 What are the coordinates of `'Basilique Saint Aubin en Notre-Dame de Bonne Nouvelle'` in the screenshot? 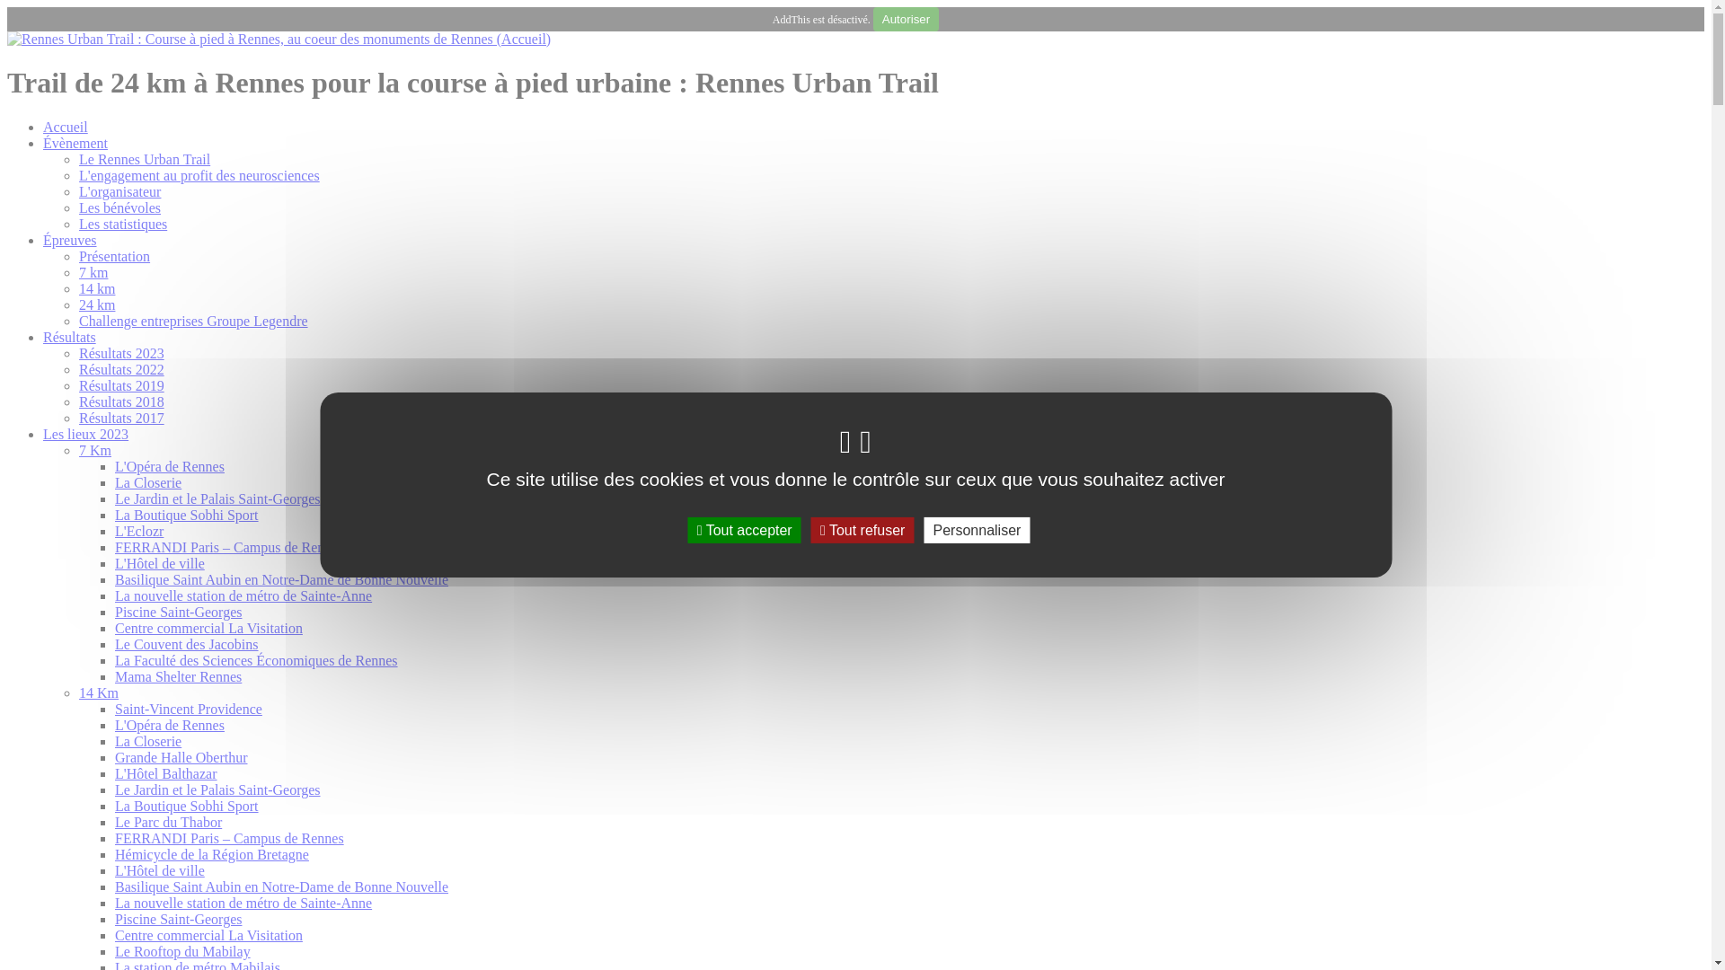 It's located at (280, 886).